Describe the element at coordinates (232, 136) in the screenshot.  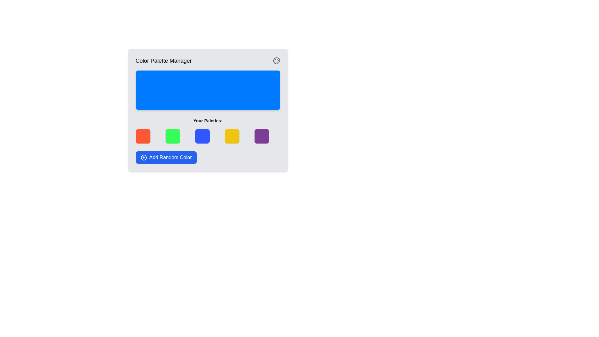
I see `the bright yellow color swatch with rounded corners, which is the fourth item in a group of five colored squares` at that location.